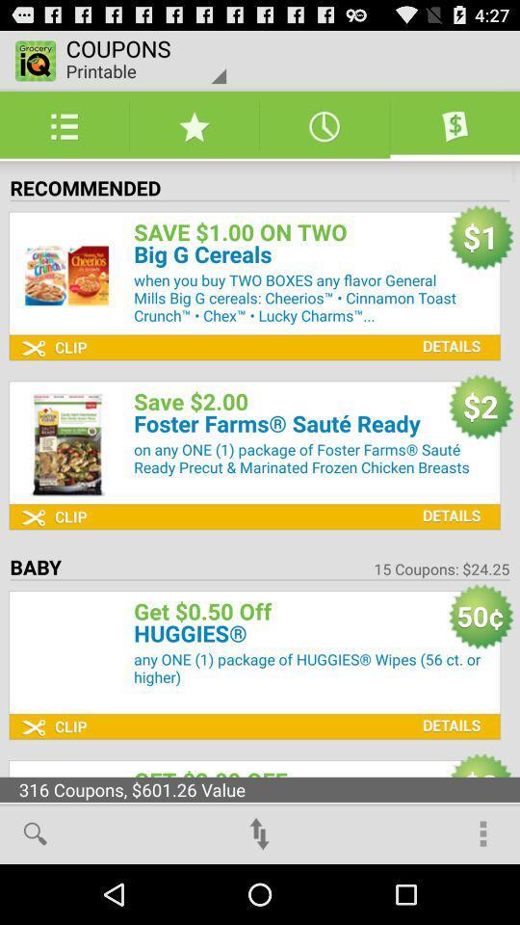 The image size is (520, 925). Describe the element at coordinates (447, 499) in the screenshot. I see `details option` at that location.